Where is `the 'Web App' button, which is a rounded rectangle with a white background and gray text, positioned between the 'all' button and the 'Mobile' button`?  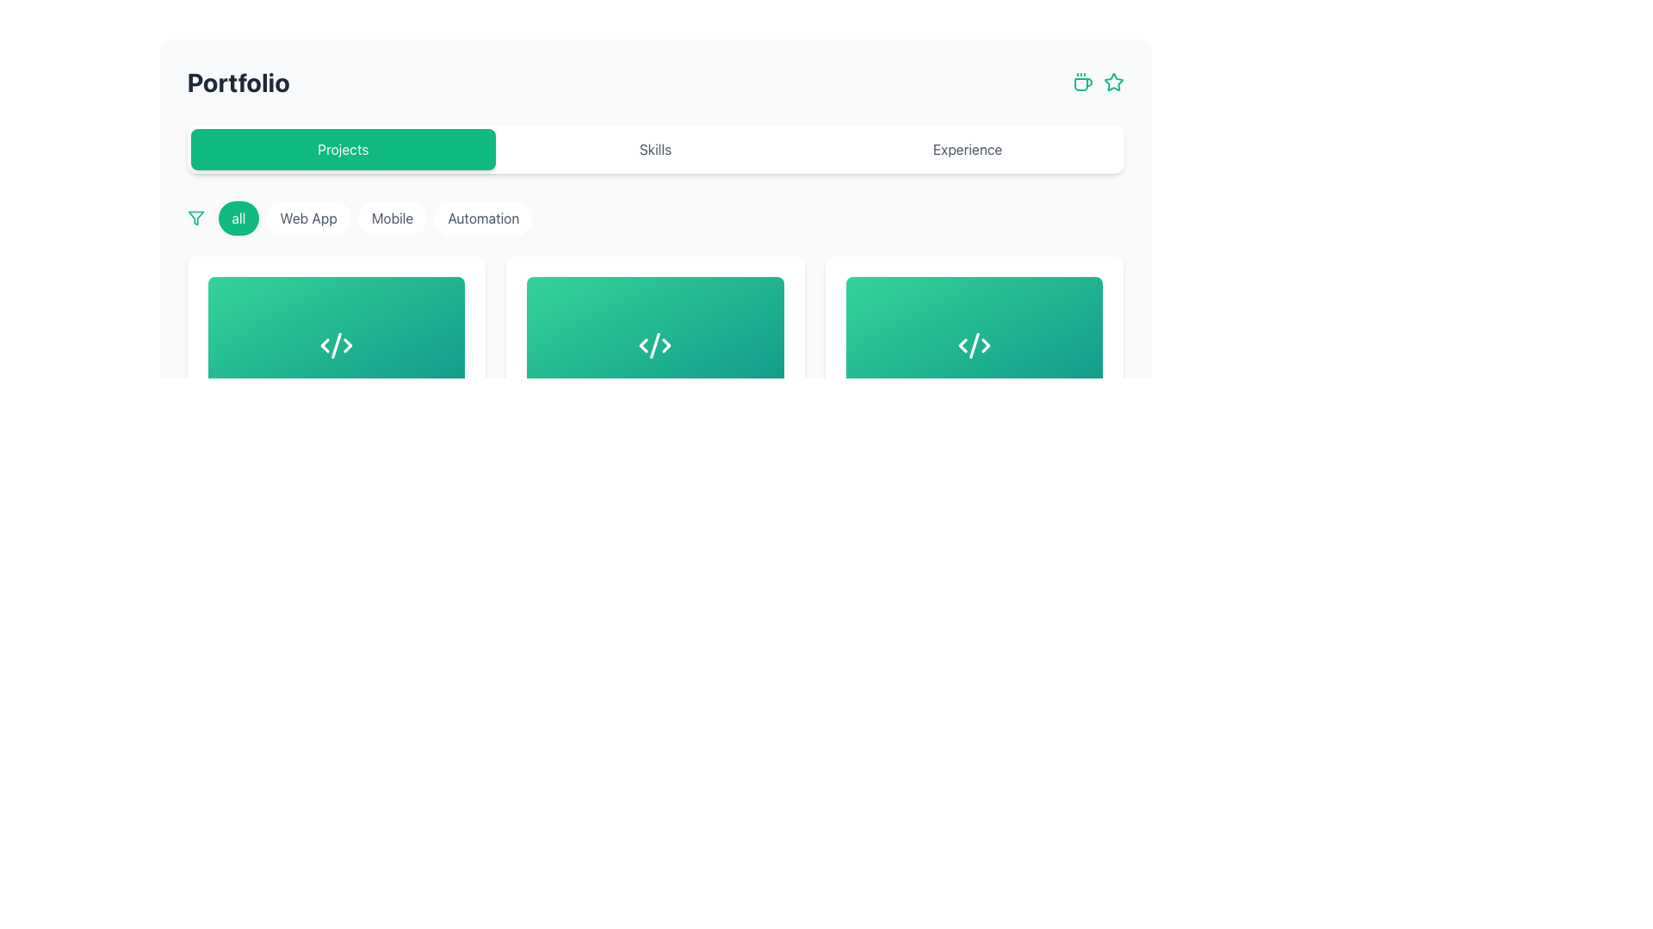 the 'Web App' button, which is a rounded rectangle with a white background and gray text, positioned between the 'all' button and the 'Mobile' button is located at coordinates (308, 218).